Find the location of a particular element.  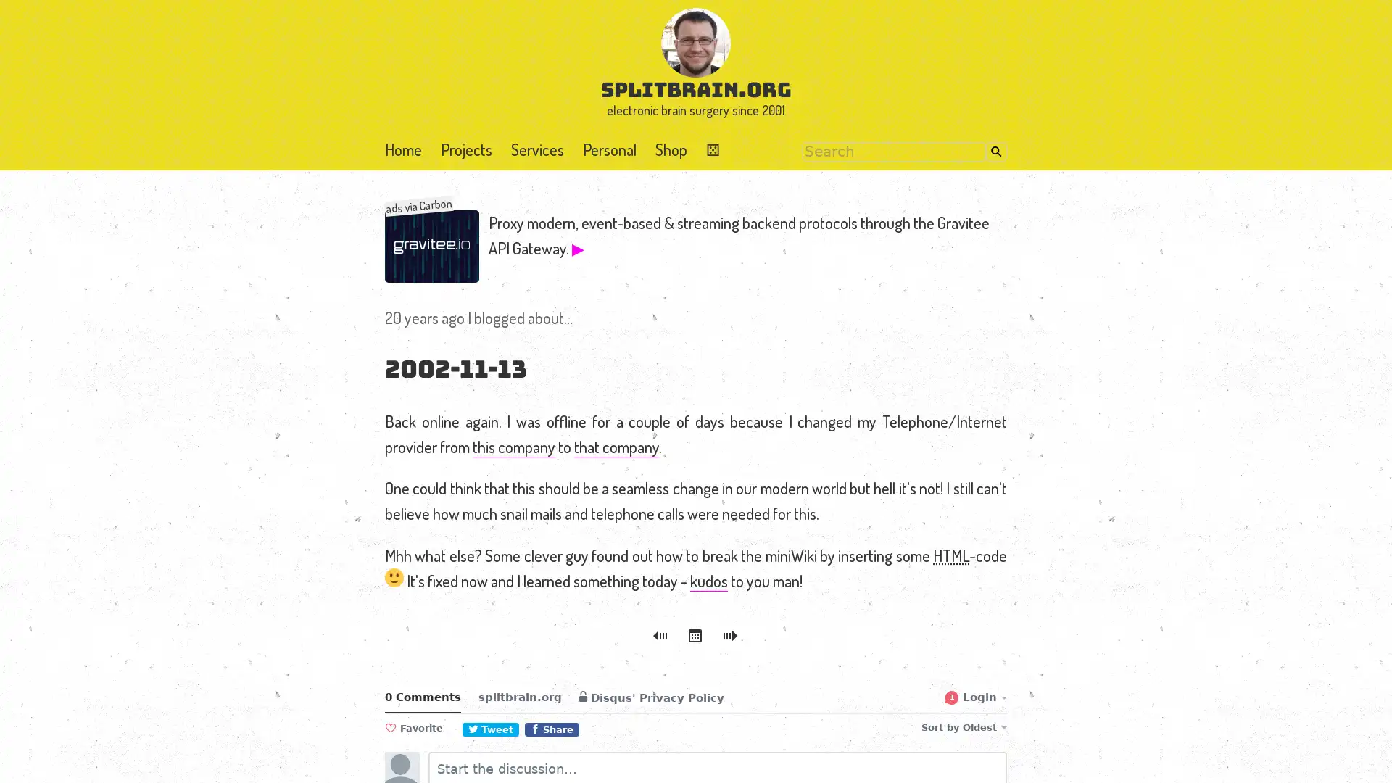

Search is located at coordinates (995, 152).